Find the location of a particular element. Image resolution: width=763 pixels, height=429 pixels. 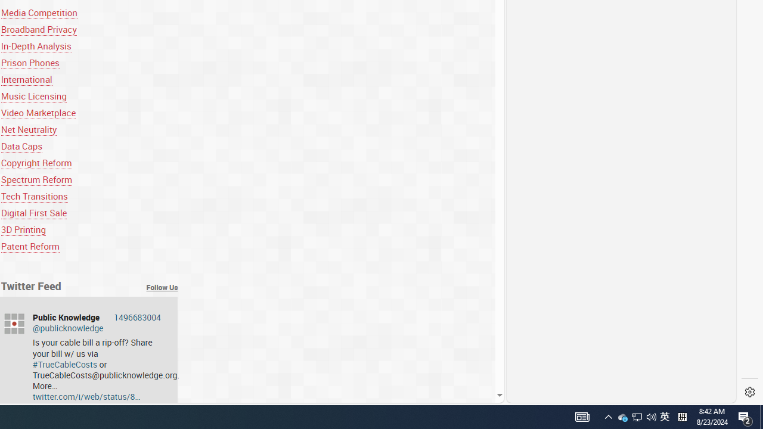

'Broadband Privacy' is located at coordinates (39, 29).